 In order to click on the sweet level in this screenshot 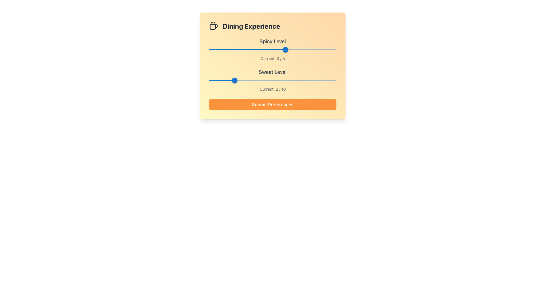, I will do `click(324, 80)`.